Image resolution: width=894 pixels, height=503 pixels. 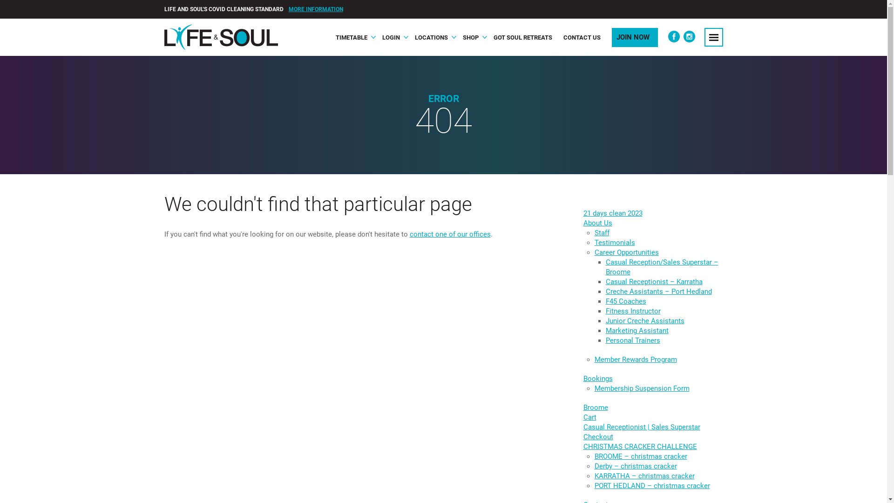 What do you see at coordinates (597, 436) in the screenshot?
I see `'Checkout'` at bounding box center [597, 436].